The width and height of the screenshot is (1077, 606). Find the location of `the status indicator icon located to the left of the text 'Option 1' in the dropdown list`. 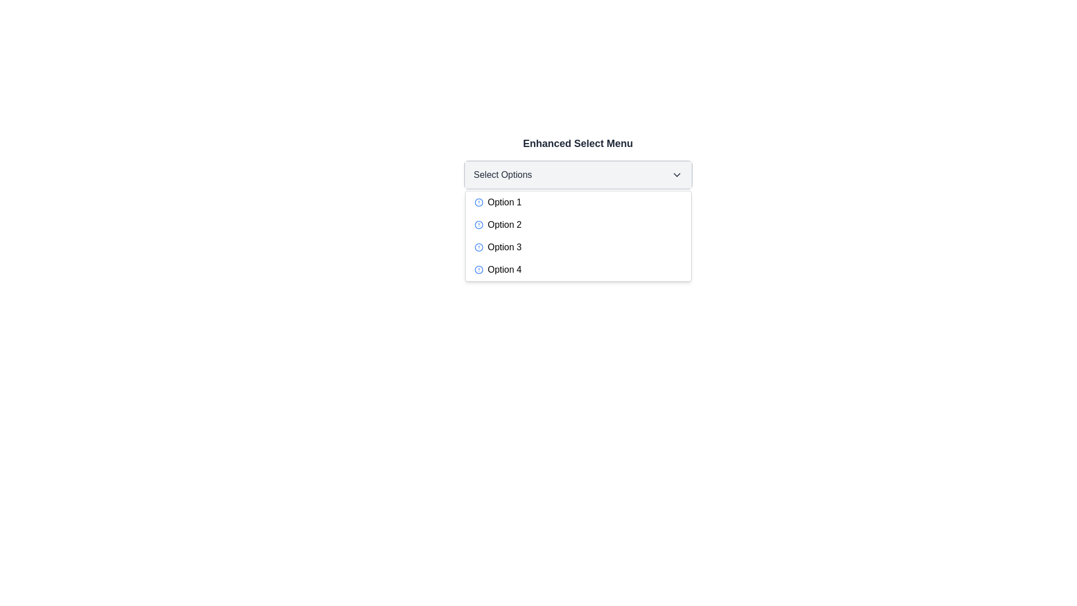

the status indicator icon located to the left of the text 'Option 1' in the dropdown list is located at coordinates (478, 203).